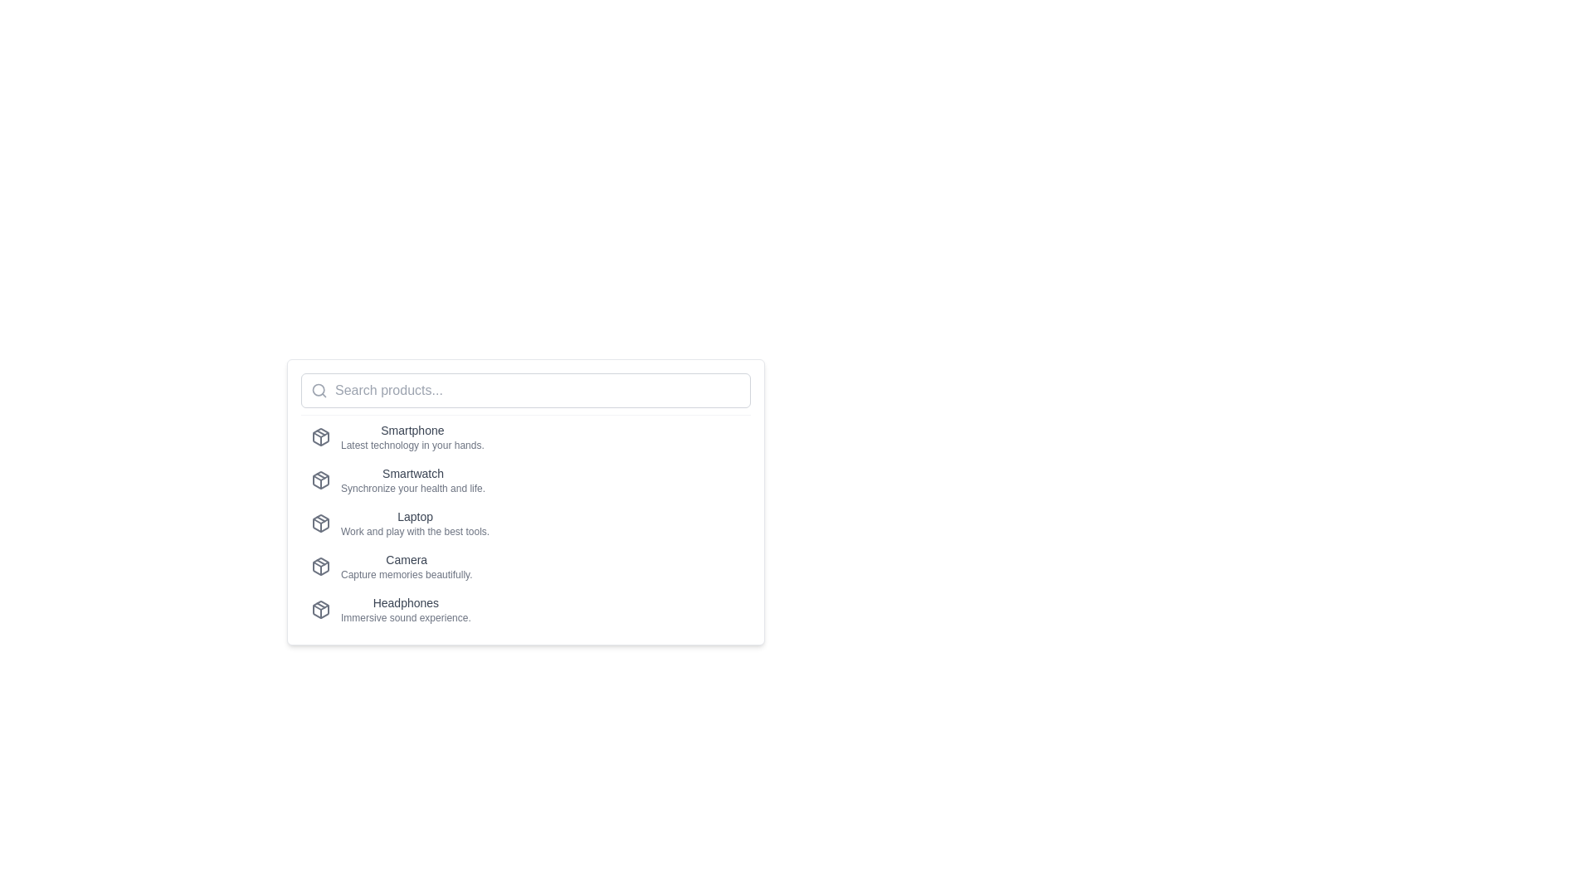 Image resolution: width=1593 pixels, height=896 pixels. Describe the element at coordinates (415, 531) in the screenshot. I see `the text label displaying 'Work and play with the best tools.' which is positioned below the title 'Laptop.'` at that location.